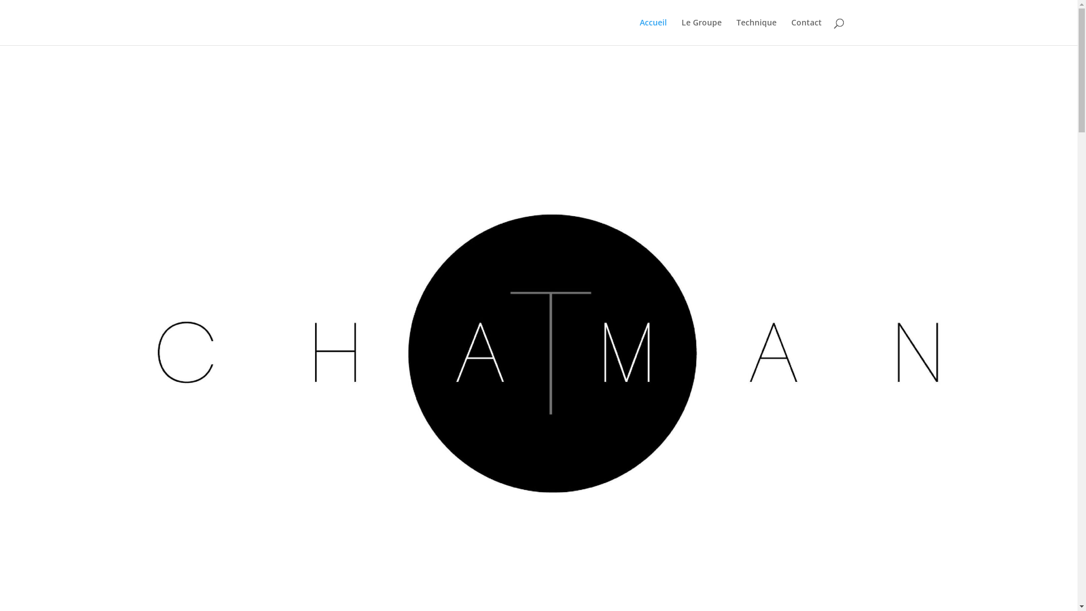 Image resolution: width=1086 pixels, height=611 pixels. I want to click on 'Accueil', so click(652, 31).